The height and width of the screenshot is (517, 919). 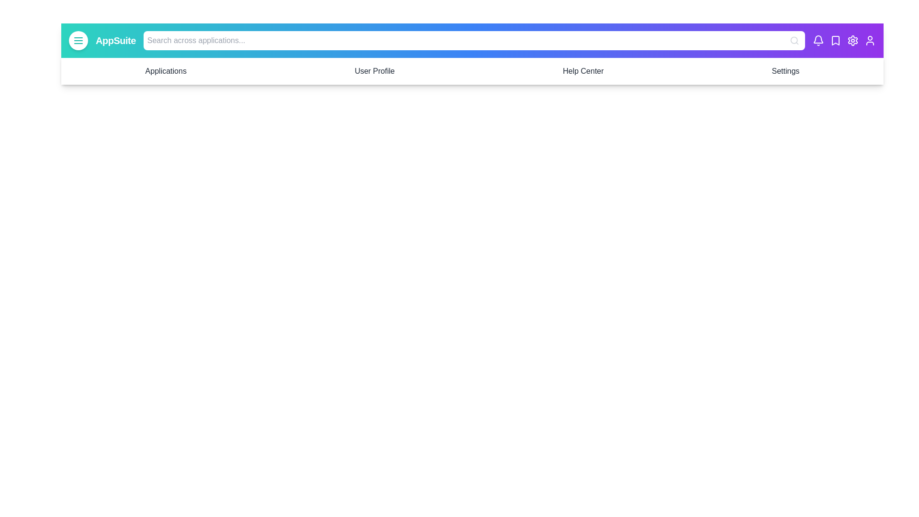 What do you see at coordinates (835, 40) in the screenshot?
I see `the bookmark icon in the EnhancedAppBar` at bounding box center [835, 40].